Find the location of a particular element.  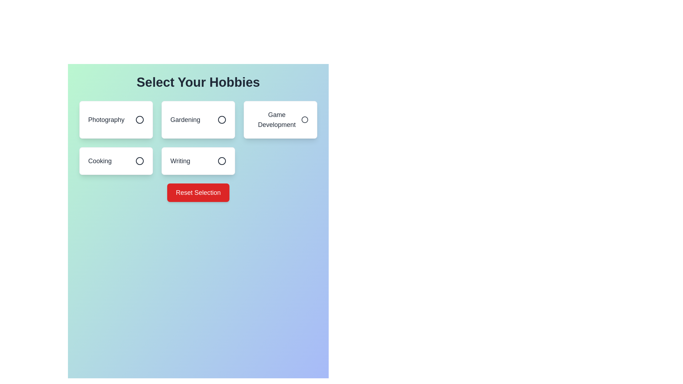

the hobby item Gardening is located at coordinates (198, 119).